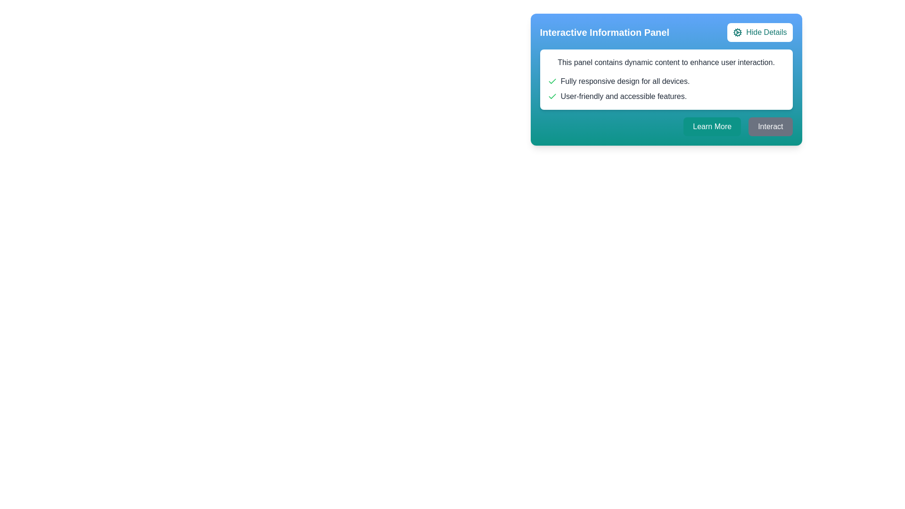  Describe the element at coordinates (666, 81) in the screenshot. I see `the label with the text 'Fully responsive design for all devices.' which includes a green checkmark icon, indicating completion or confirmation` at that location.